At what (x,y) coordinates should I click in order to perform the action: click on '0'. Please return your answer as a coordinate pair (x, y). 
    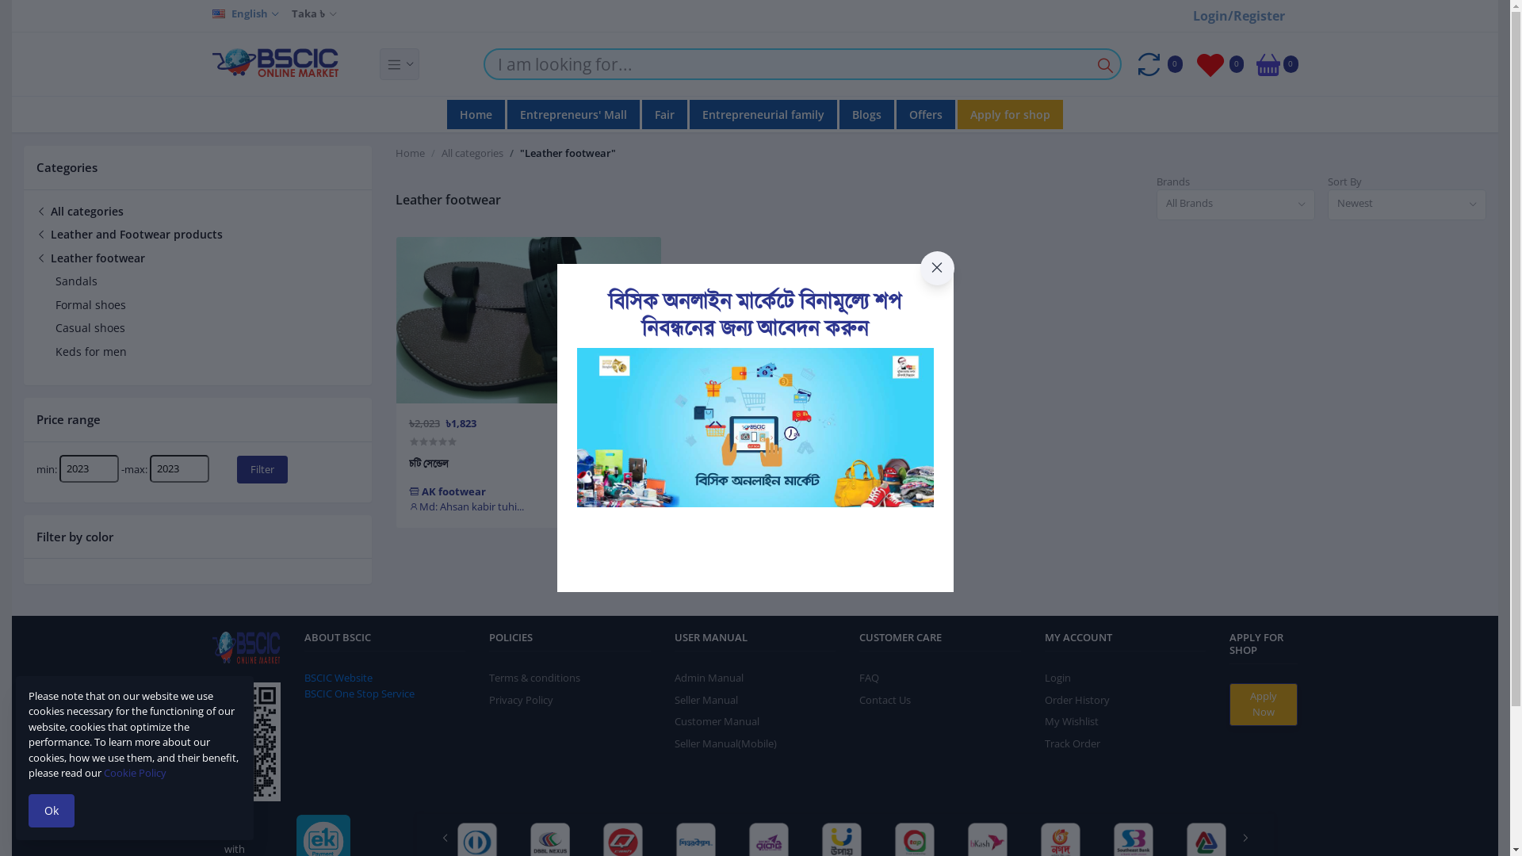
    Looking at the image, I should click on (1255, 63).